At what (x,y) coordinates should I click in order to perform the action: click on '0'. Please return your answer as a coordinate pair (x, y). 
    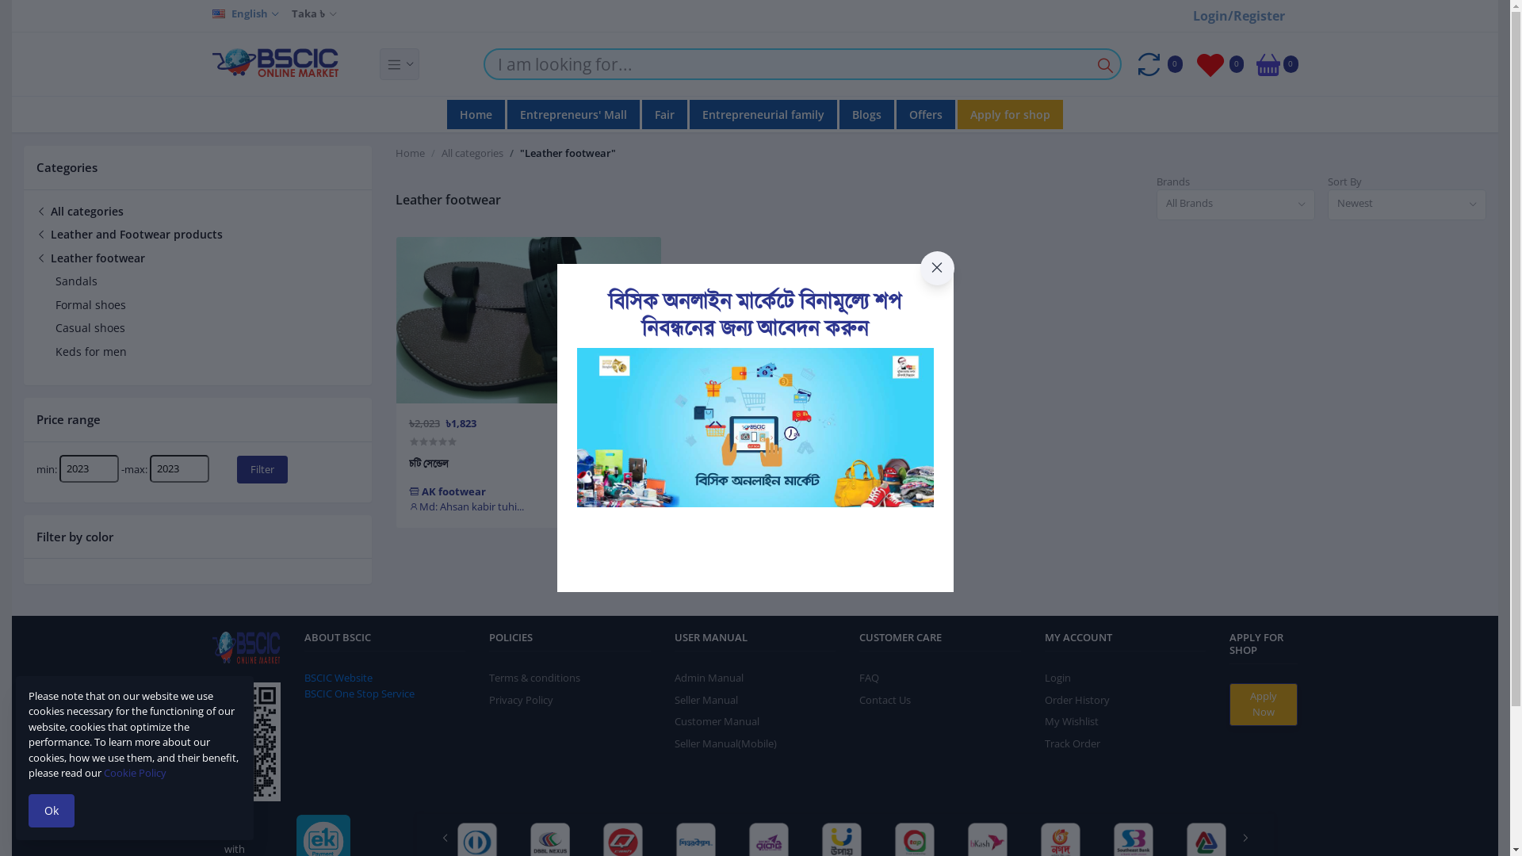
    Looking at the image, I should click on (1255, 63).